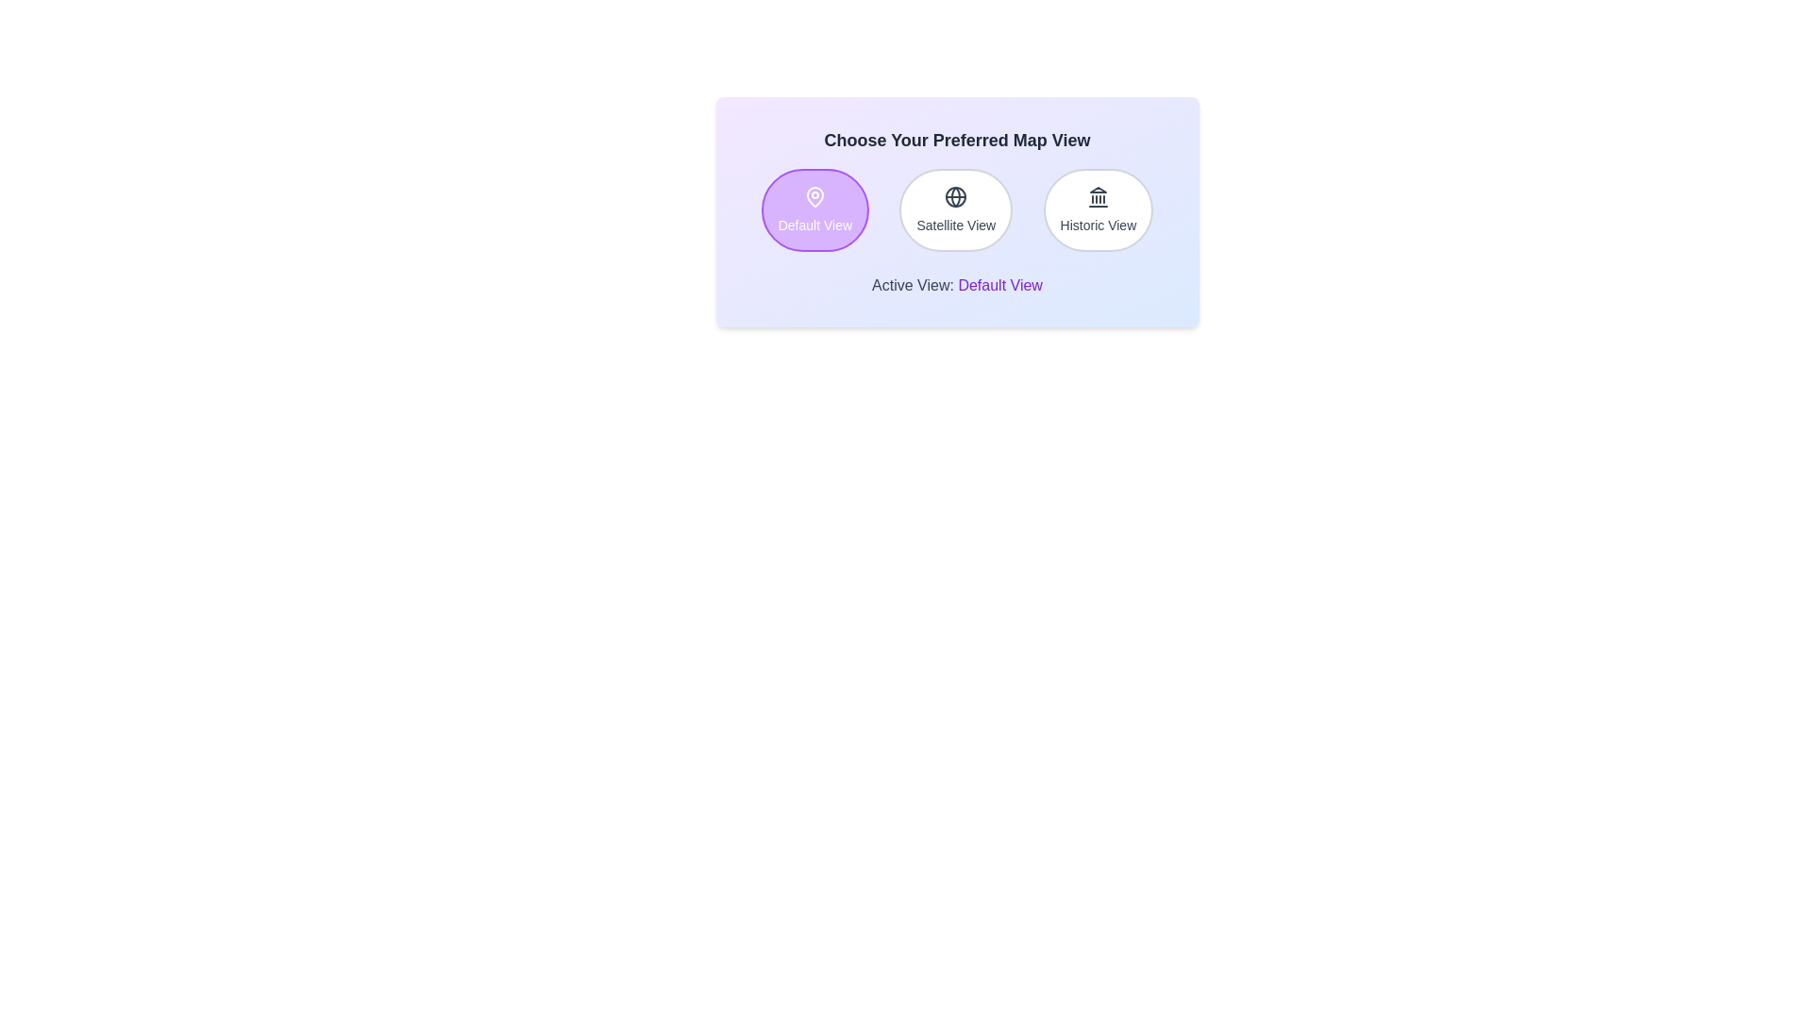 This screenshot has height=1019, width=1812. I want to click on the map view to Default View, so click(814, 210).